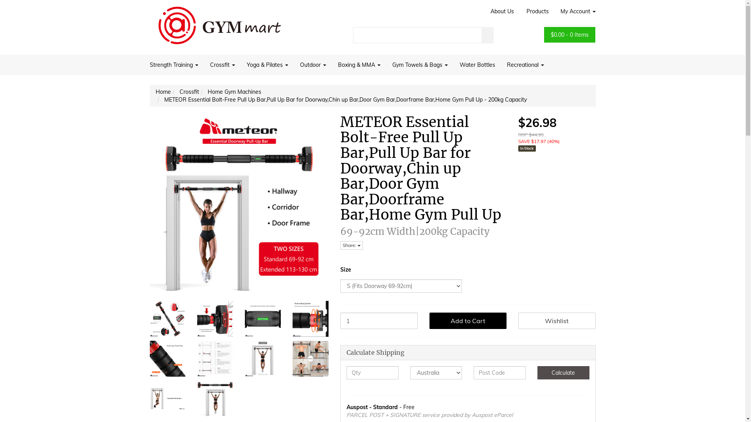 Image resolution: width=751 pixels, height=422 pixels. Describe the element at coordinates (563, 372) in the screenshot. I see `'Calculate'` at that location.